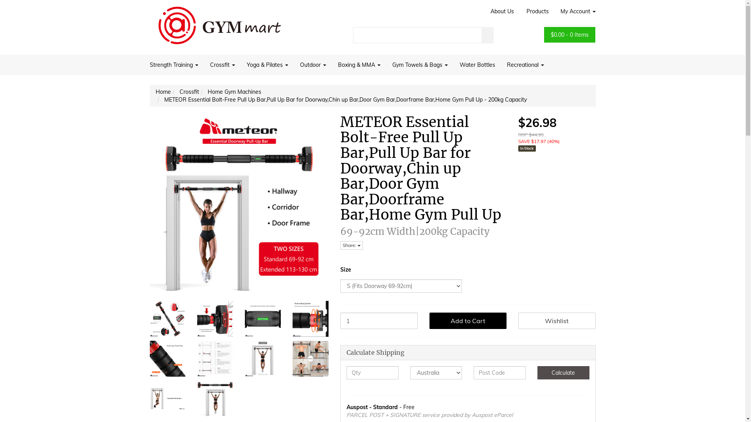 Image resolution: width=751 pixels, height=422 pixels. Describe the element at coordinates (563, 372) in the screenshot. I see `'Calculate'` at that location.